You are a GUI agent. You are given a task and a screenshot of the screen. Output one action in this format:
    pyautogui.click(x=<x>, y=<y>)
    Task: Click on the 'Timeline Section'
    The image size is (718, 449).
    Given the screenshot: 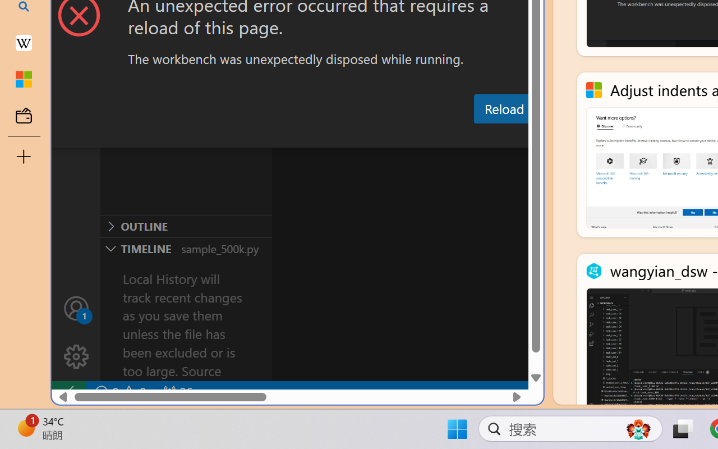 What is the action you would take?
    pyautogui.click(x=186, y=248)
    